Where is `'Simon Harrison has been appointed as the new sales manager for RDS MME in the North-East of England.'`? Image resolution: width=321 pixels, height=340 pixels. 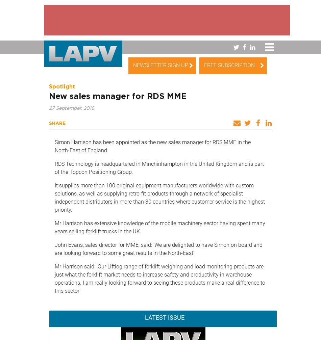
'Simon Harrison has been appointed as the new sales manager for RDS MME in the North-East of England.' is located at coordinates (152, 146).